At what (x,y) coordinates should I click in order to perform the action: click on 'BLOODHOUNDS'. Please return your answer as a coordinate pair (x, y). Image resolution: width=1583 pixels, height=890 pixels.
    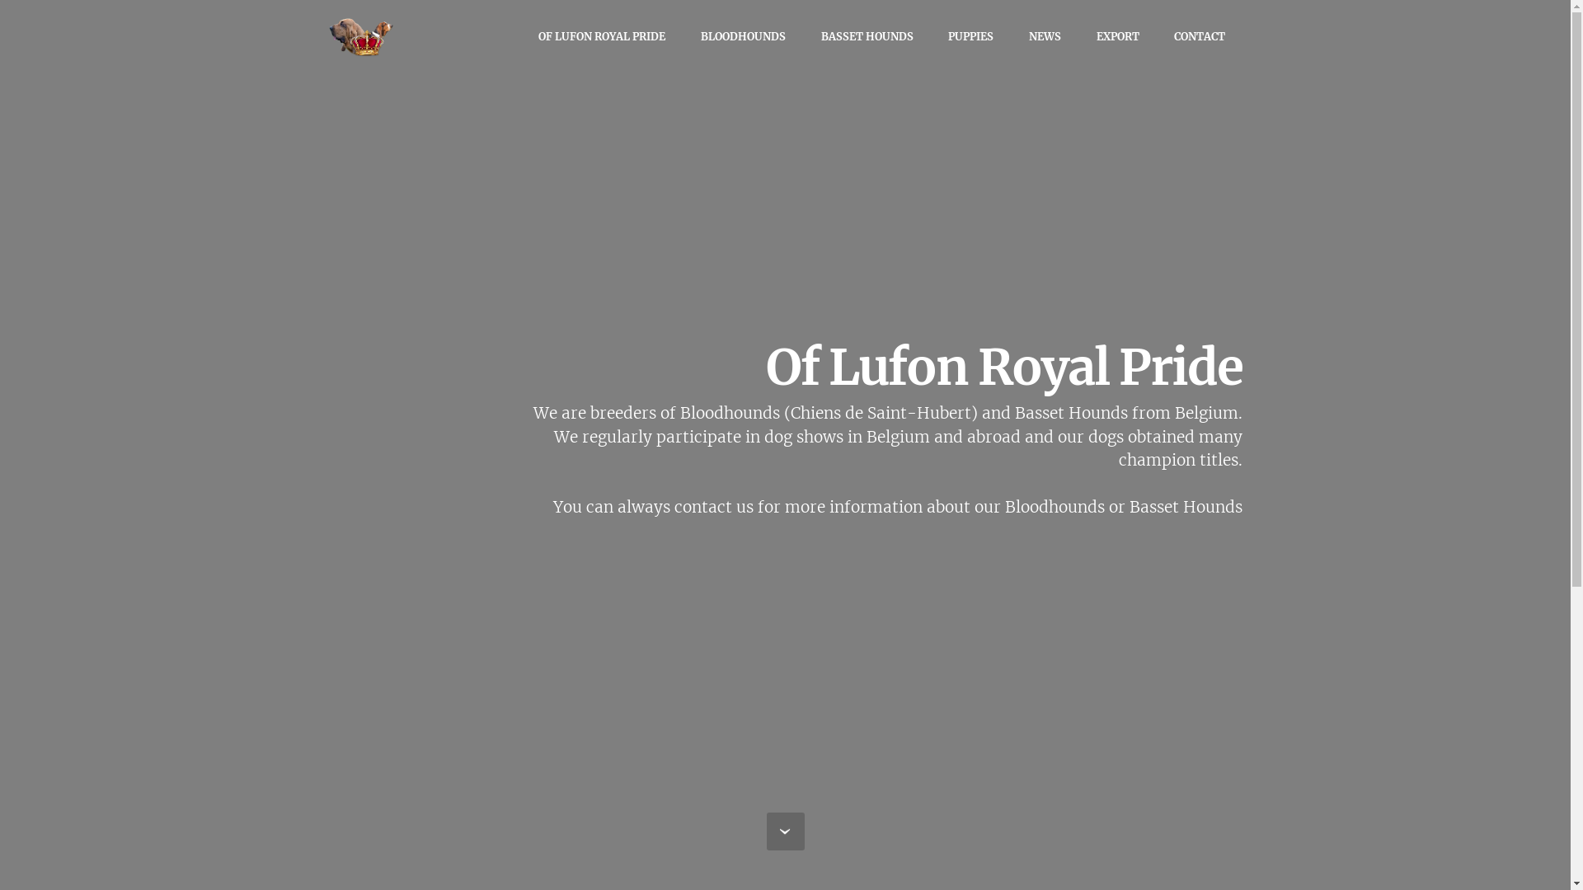
    Looking at the image, I should click on (742, 36).